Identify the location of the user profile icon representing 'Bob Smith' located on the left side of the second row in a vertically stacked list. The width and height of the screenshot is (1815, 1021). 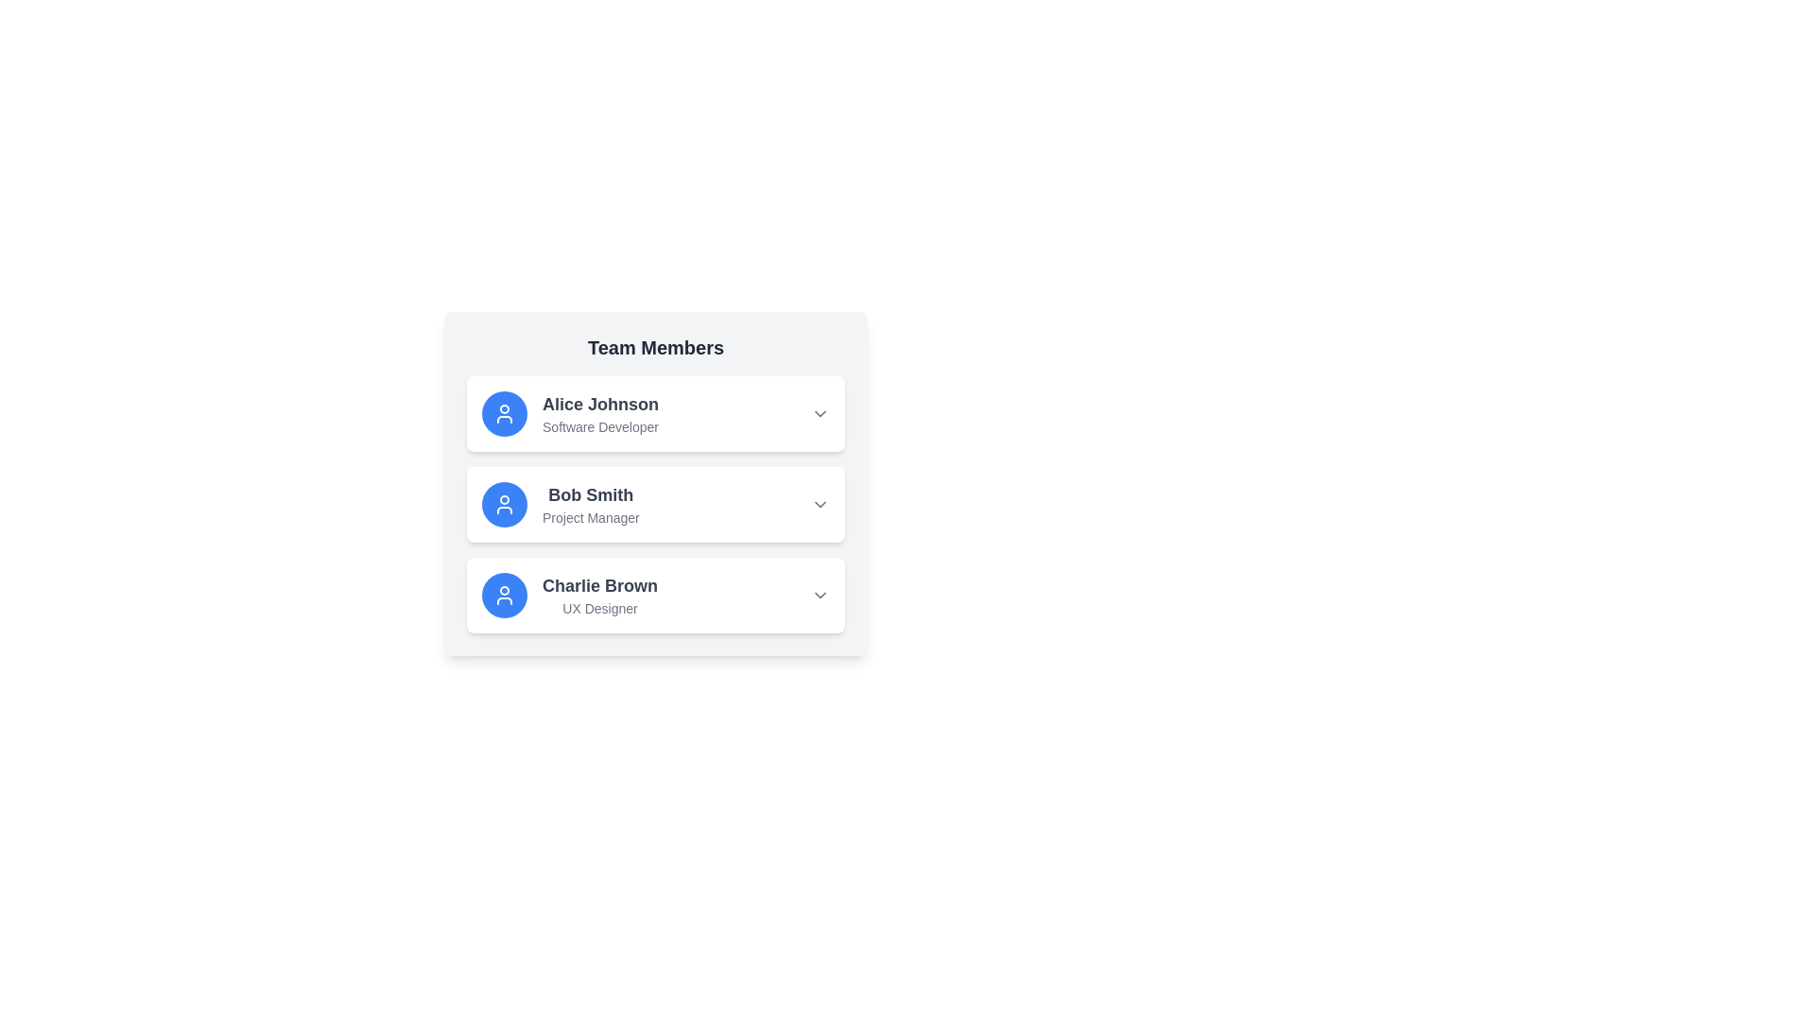
(504, 503).